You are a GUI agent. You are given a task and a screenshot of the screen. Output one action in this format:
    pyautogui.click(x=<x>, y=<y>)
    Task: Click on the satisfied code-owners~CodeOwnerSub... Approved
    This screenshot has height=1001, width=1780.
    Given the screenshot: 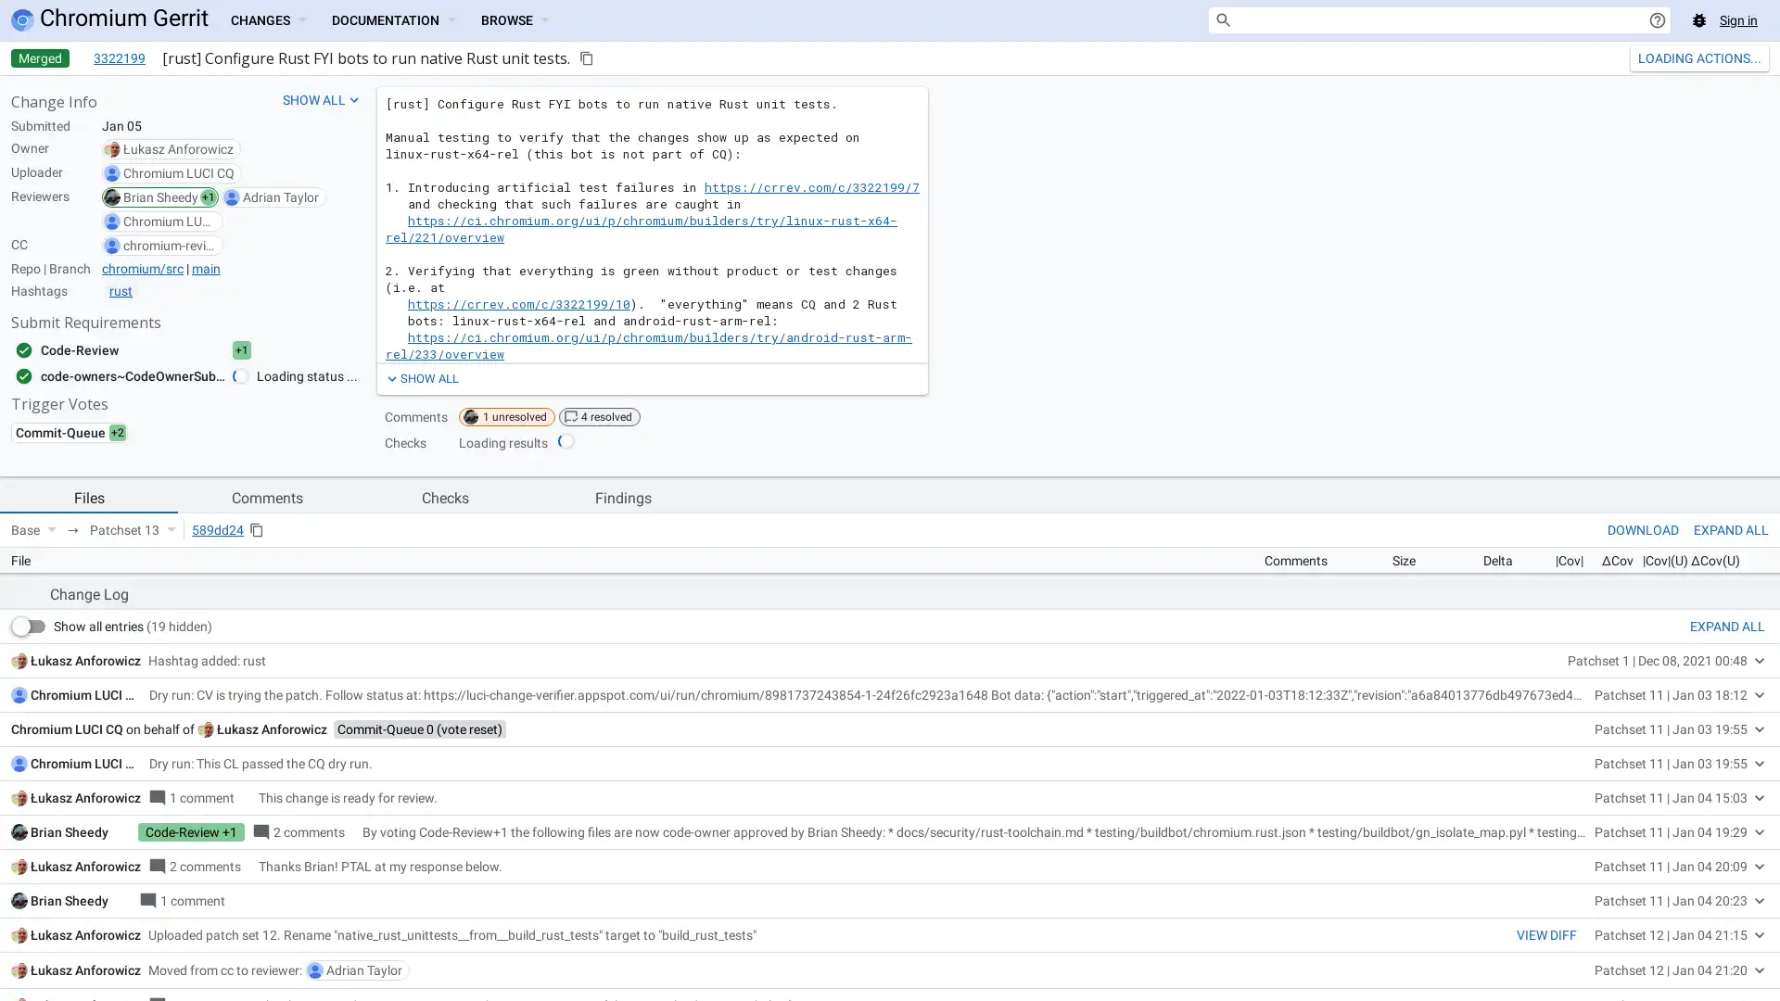 What is the action you would take?
    pyautogui.click(x=151, y=375)
    